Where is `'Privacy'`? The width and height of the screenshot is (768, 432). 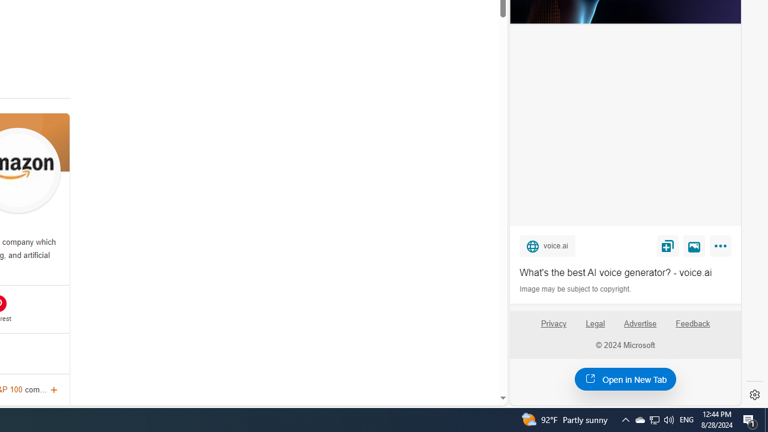
'Privacy' is located at coordinates (553, 328).